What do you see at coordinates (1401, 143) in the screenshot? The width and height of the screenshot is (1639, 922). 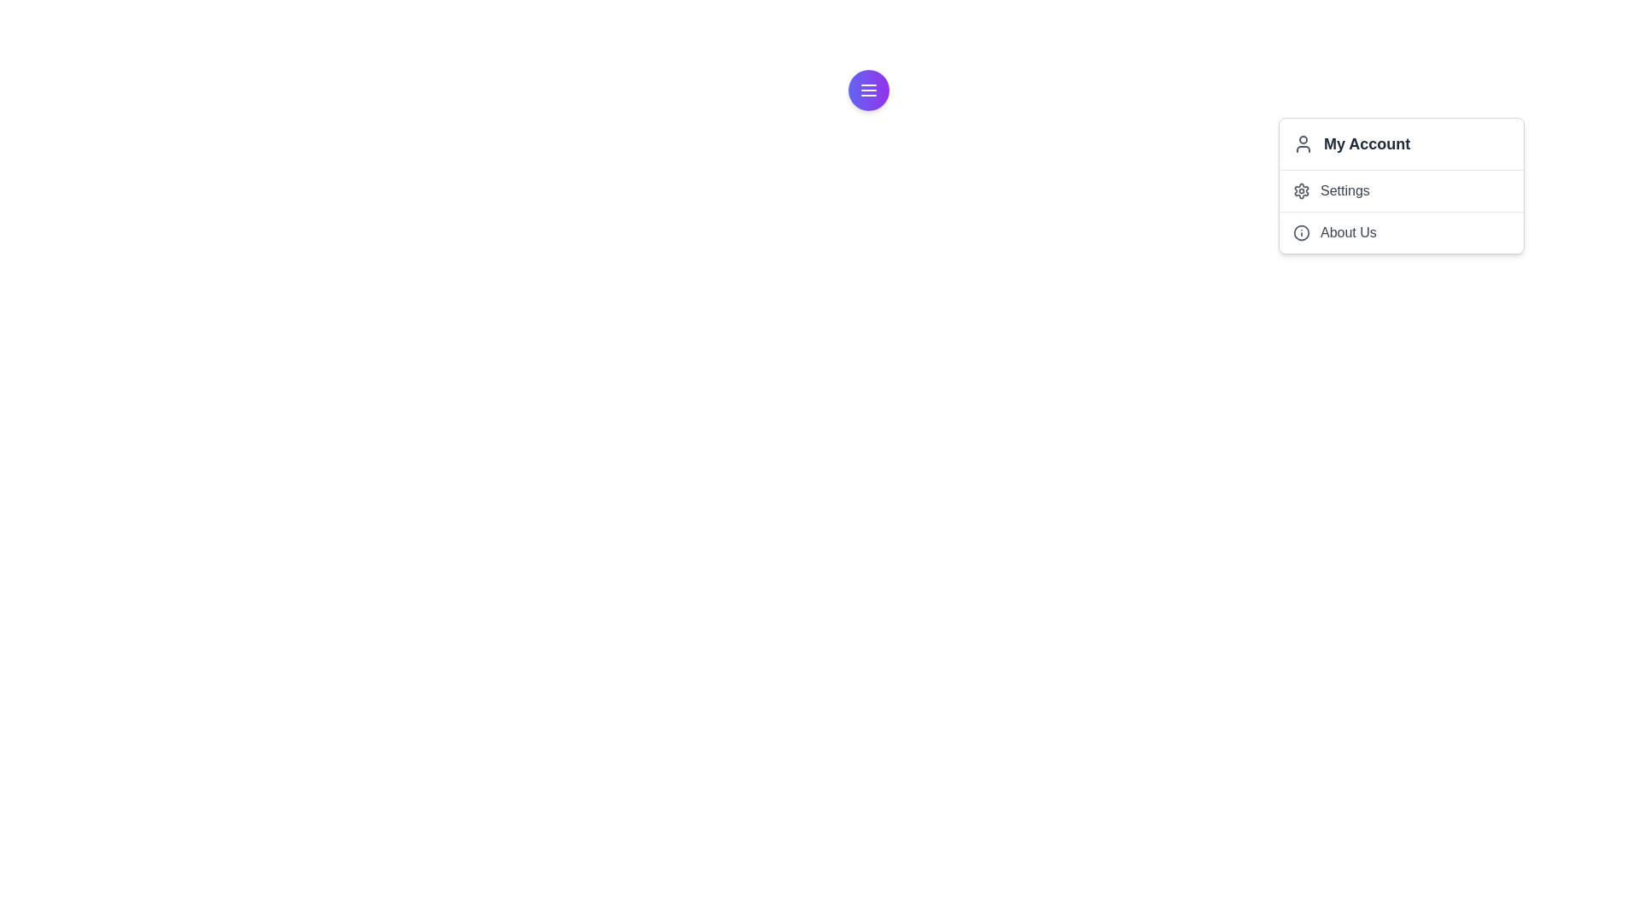 I see `the first menu item in the dropdown` at bounding box center [1401, 143].